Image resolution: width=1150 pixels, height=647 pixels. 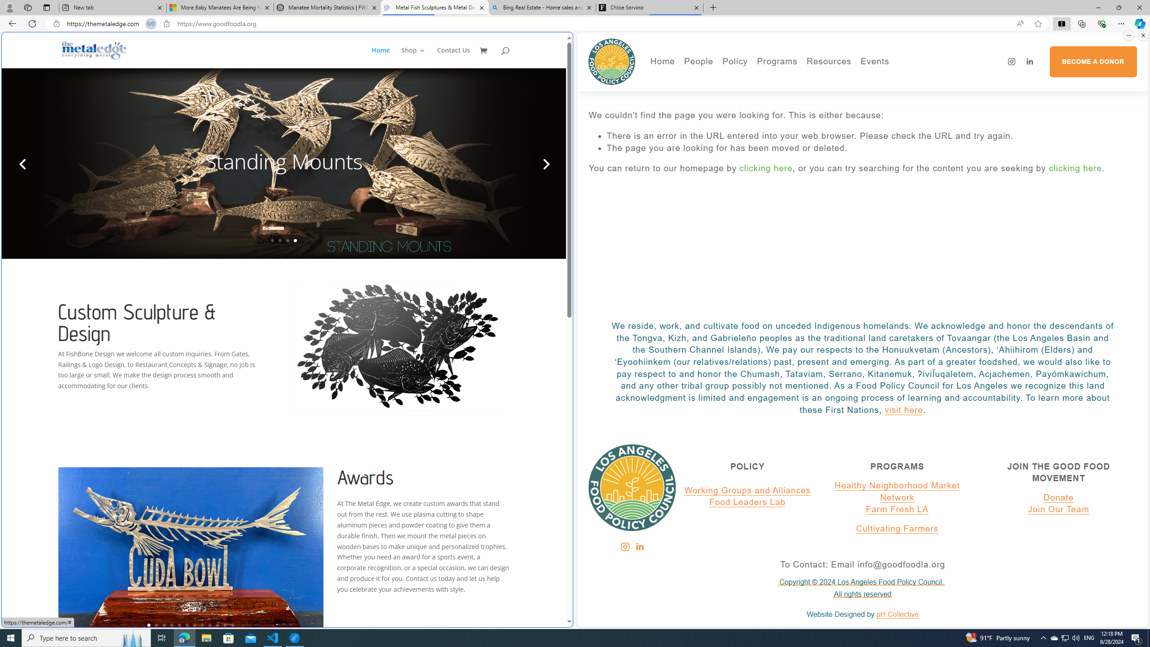 I want to click on '12', so click(x=232, y=625).